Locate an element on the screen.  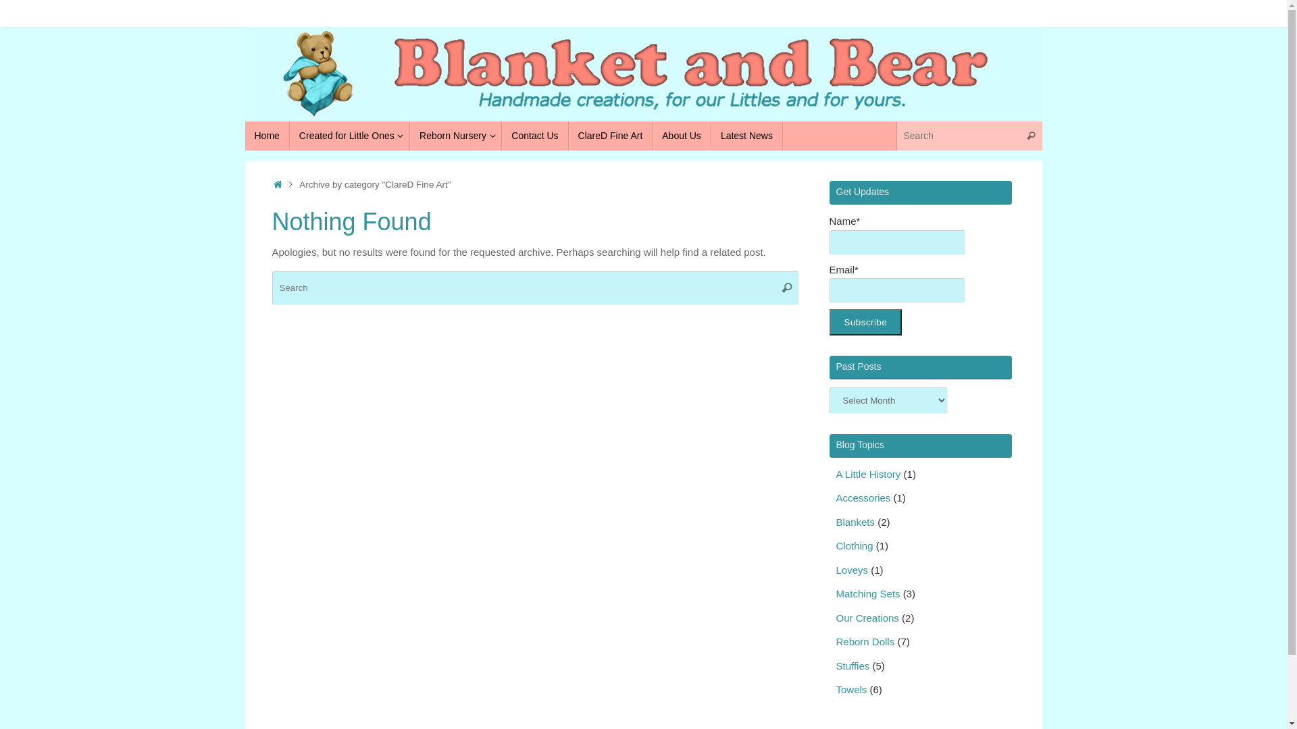
'Search' is located at coordinates (1030, 136).